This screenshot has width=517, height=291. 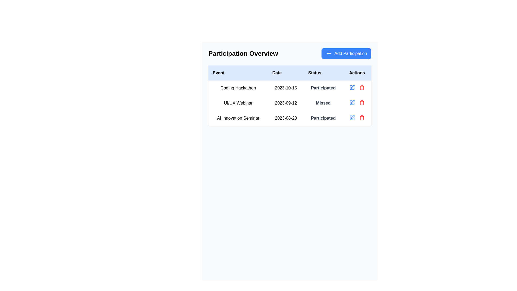 I want to click on the leftmost interactive icon in the action icons for the 'UI/UX Webinar' row, so click(x=352, y=117).